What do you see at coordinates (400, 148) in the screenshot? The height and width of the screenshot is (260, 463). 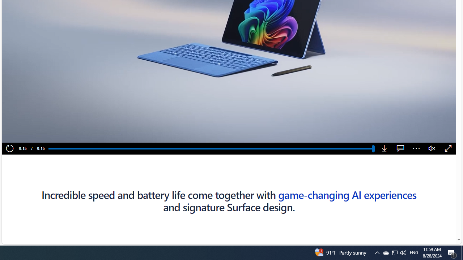 I see `'Captions'` at bounding box center [400, 148].